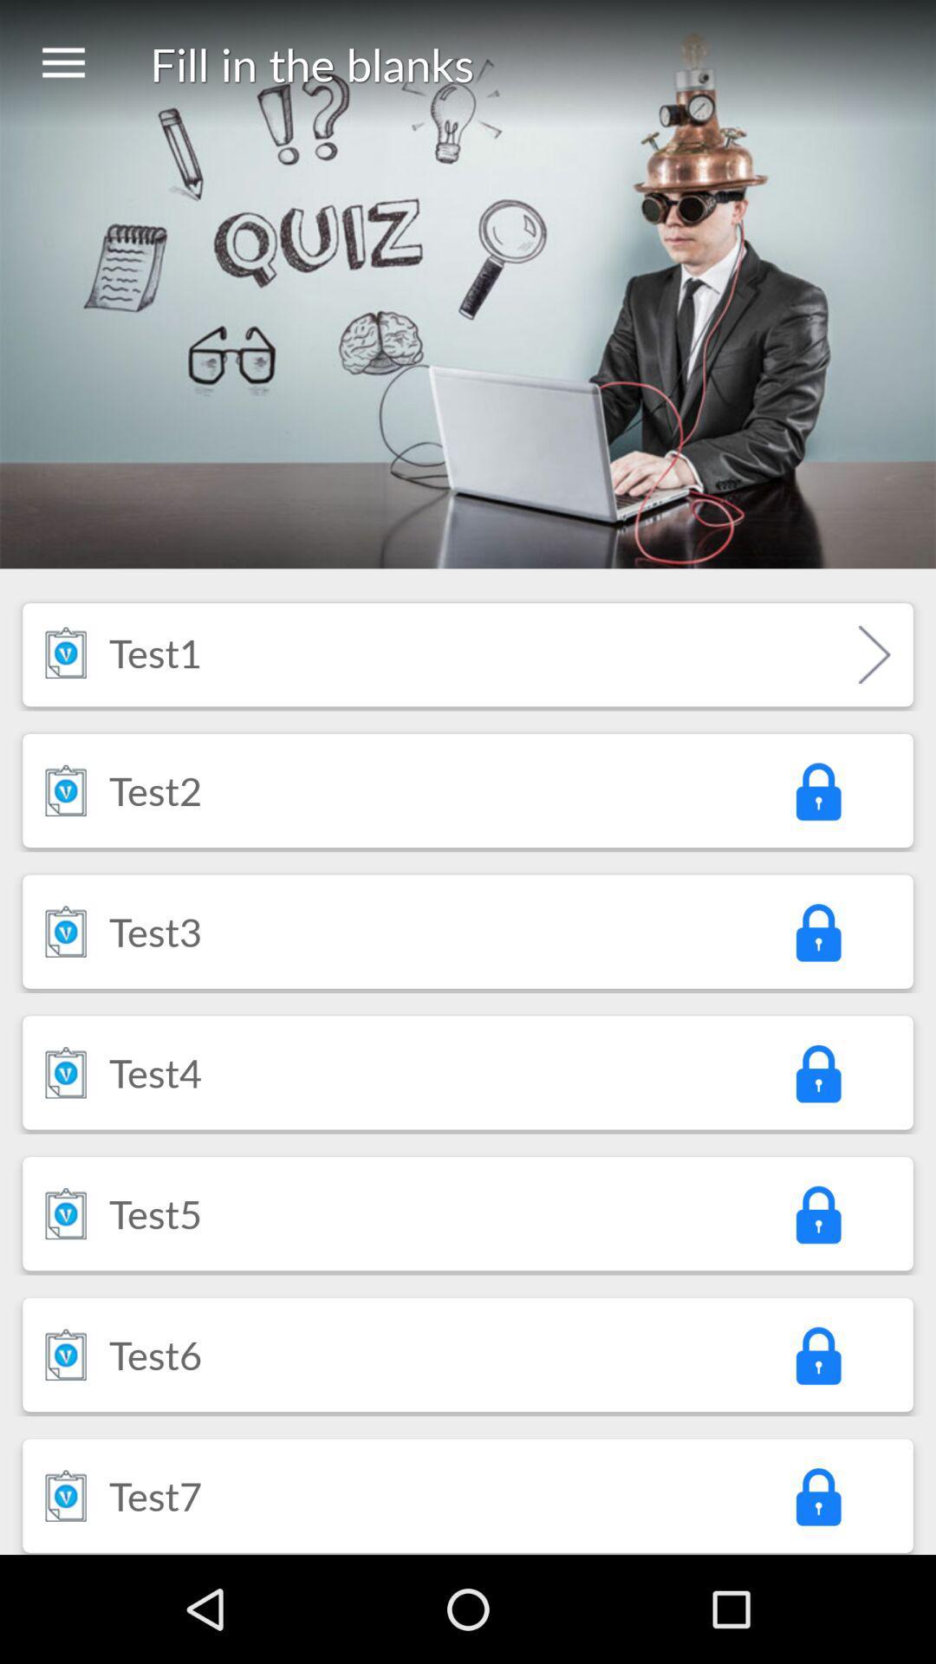  Describe the element at coordinates (817, 1071) in the screenshot. I see `the icon to the right of the test4` at that location.